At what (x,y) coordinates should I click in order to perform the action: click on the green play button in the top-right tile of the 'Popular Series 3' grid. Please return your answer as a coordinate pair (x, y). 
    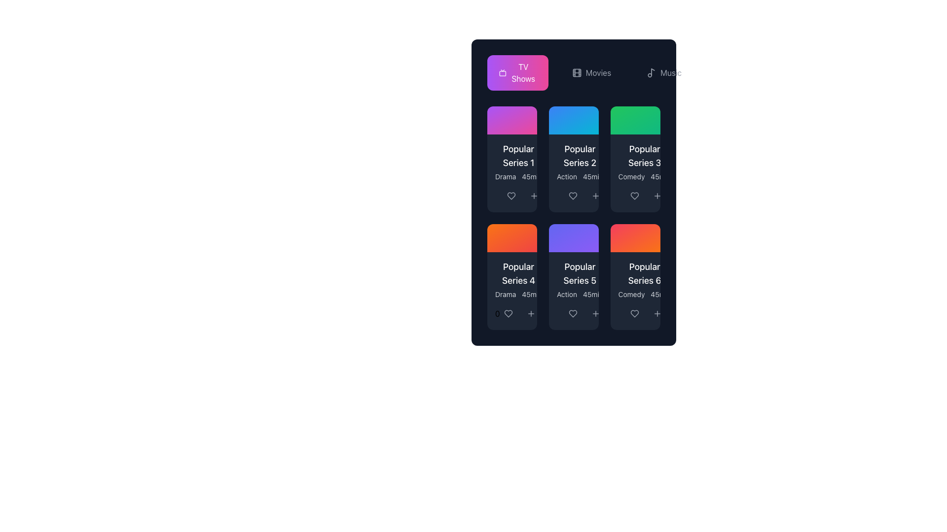
    Looking at the image, I should click on (636, 120).